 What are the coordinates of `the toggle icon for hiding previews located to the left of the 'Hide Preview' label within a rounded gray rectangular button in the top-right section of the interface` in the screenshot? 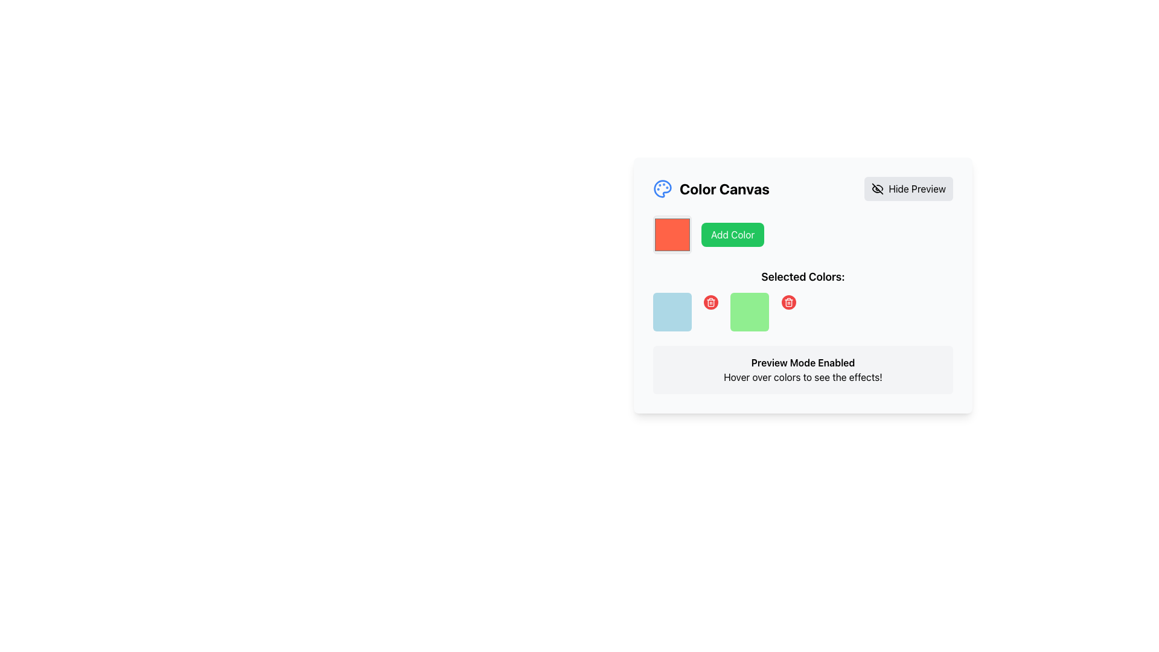 It's located at (878, 188).